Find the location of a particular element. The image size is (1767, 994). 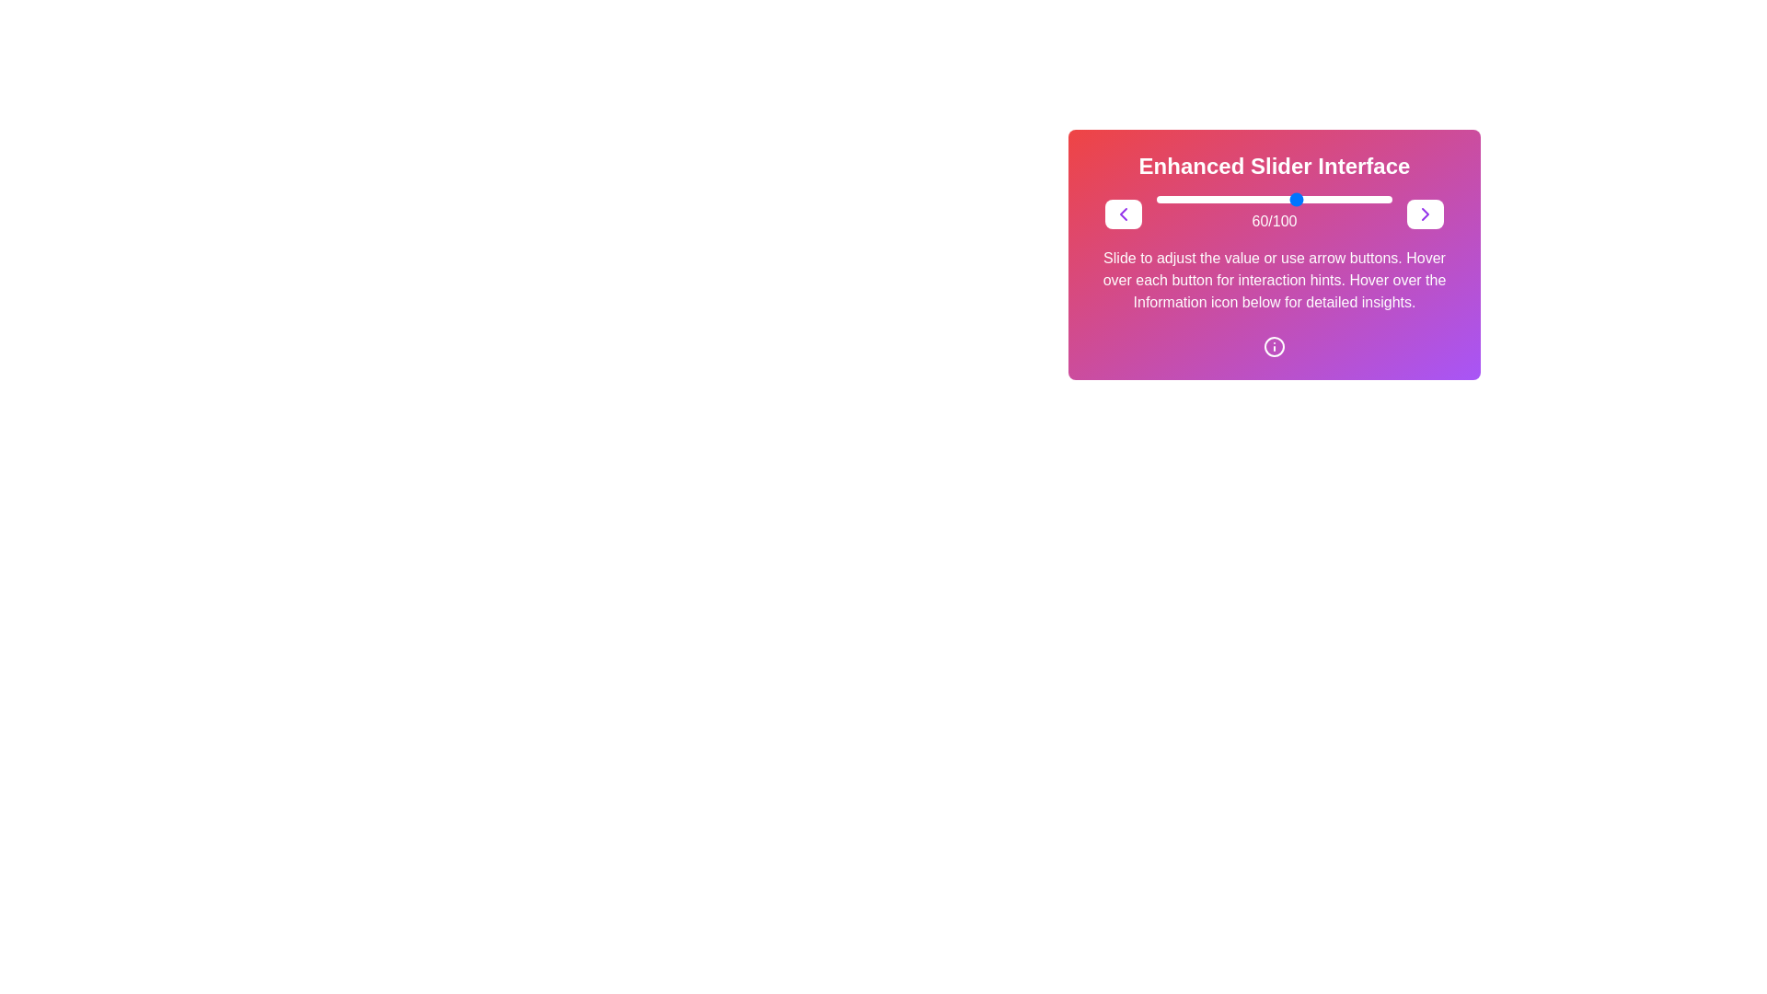

the slider is located at coordinates (1283, 199).